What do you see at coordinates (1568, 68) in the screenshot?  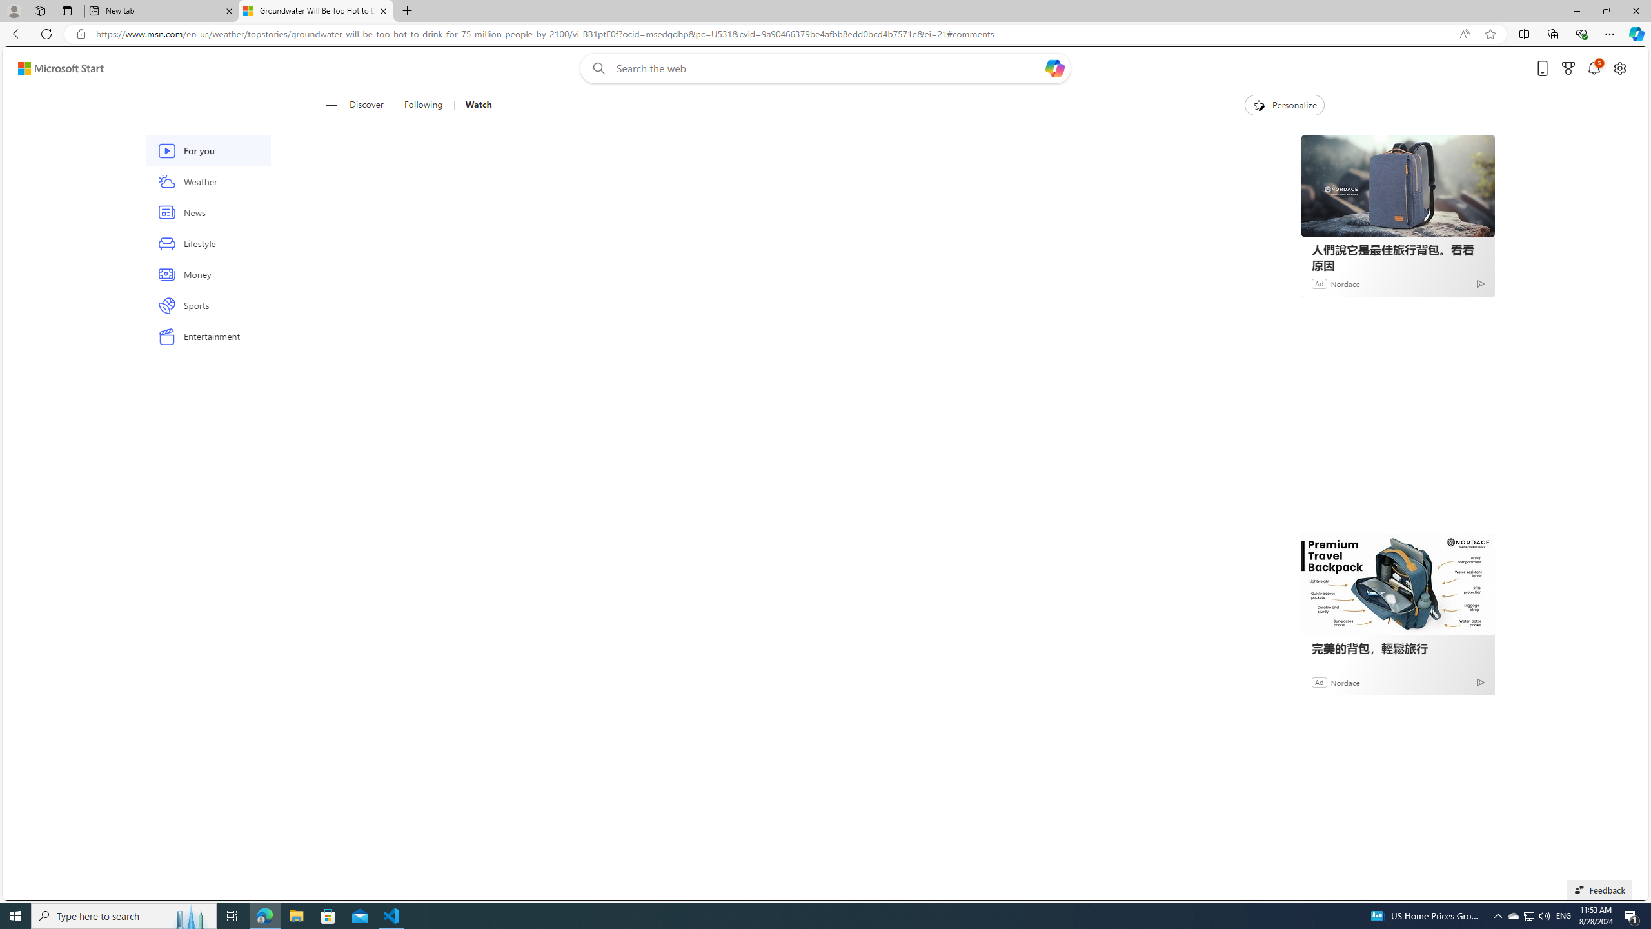 I see `'Microsoft rewards'` at bounding box center [1568, 68].